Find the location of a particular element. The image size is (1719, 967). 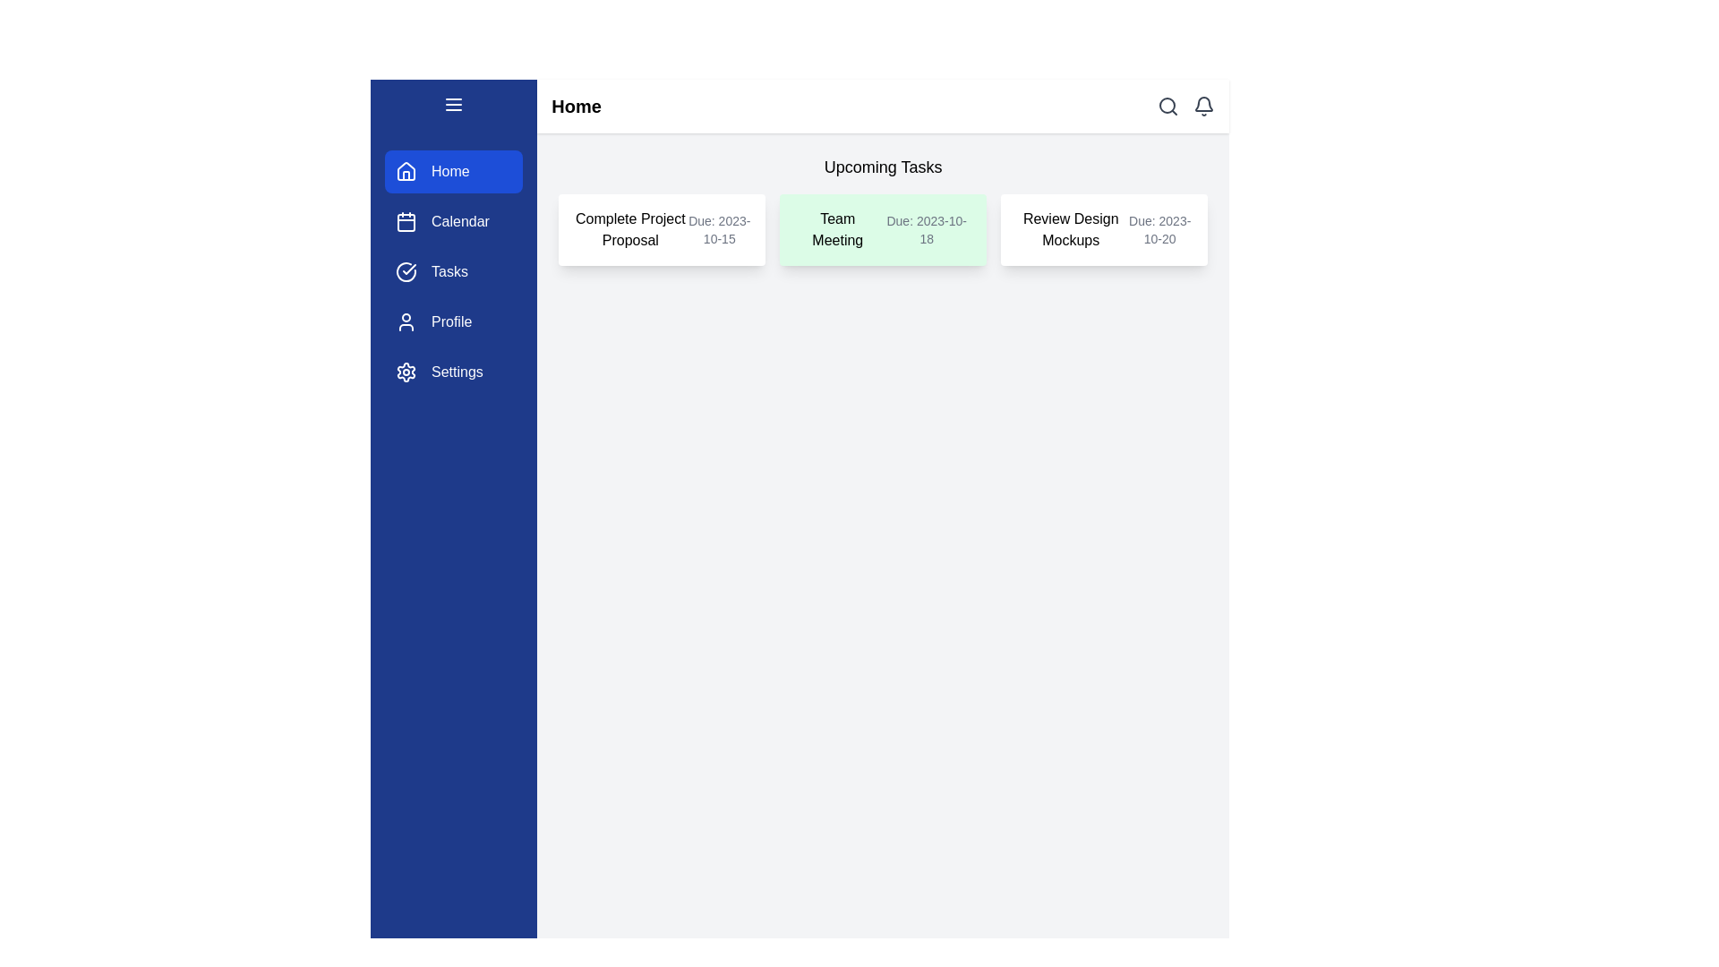

the linked actions or icons on the third card in the task management interface that represents reviewing design mockups, located slightly below the title 'Upcoming Tasks.' is located at coordinates (1103, 229).